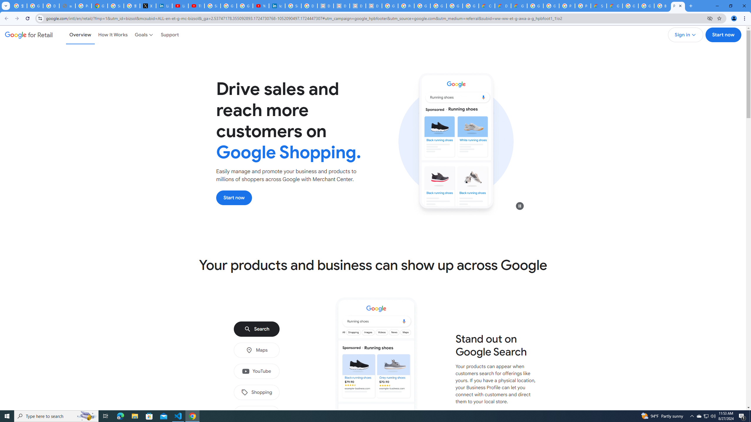  I want to click on 'Sign in - Google Accounts', so click(116, 6).